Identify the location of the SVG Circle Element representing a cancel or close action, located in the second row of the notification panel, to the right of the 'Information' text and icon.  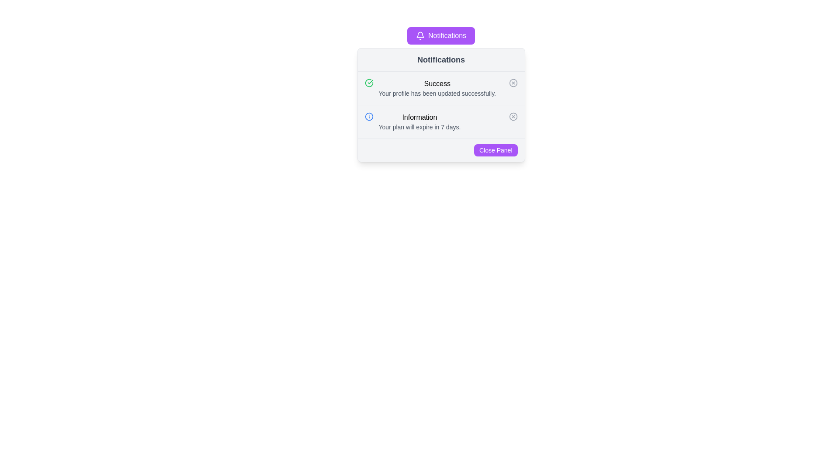
(513, 116).